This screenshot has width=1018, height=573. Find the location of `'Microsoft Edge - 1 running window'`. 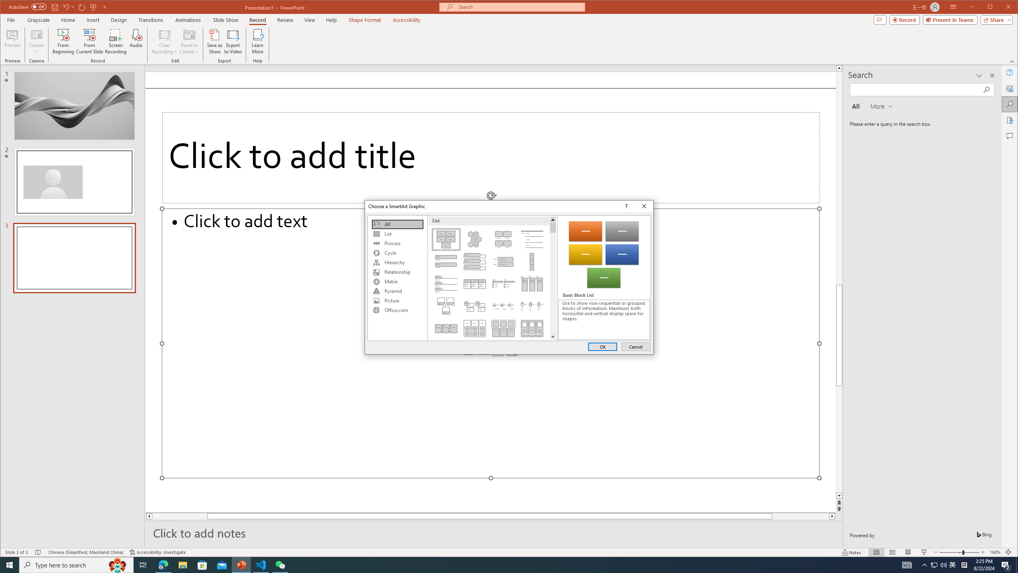

'Microsoft Edge - 1 running window' is located at coordinates (163, 564).